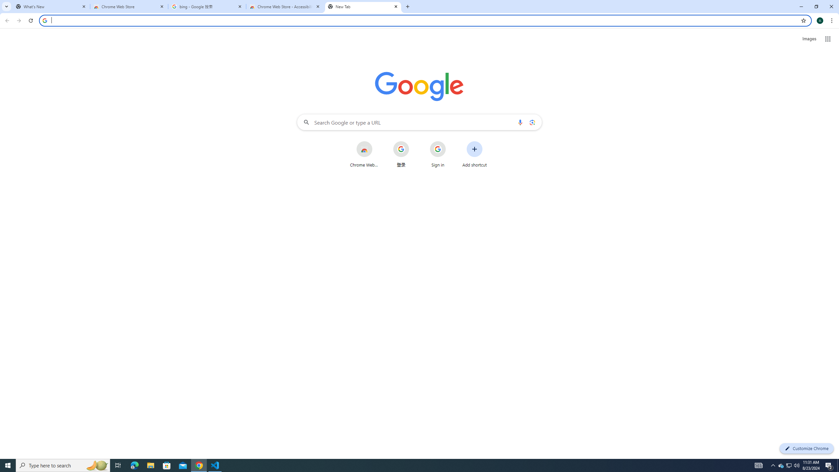 This screenshot has width=839, height=472. Describe the element at coordinates (451, 142) in the screenshot. I see `'More actions for Sign in shortcut'` at that location.